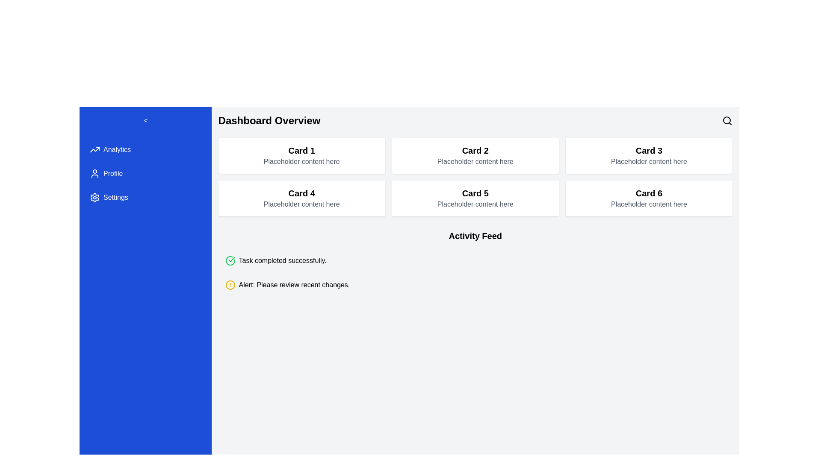 The height and width of the screenshot is (461, 821). What do you see at coordinates (95, 149) in the screenshot?
I see `the upward arrow icon in the side navigation bar, which is part of the SVG icon representing an upward trend, located to the left of the 'Analytics' label` at bounding box center [95, 149].